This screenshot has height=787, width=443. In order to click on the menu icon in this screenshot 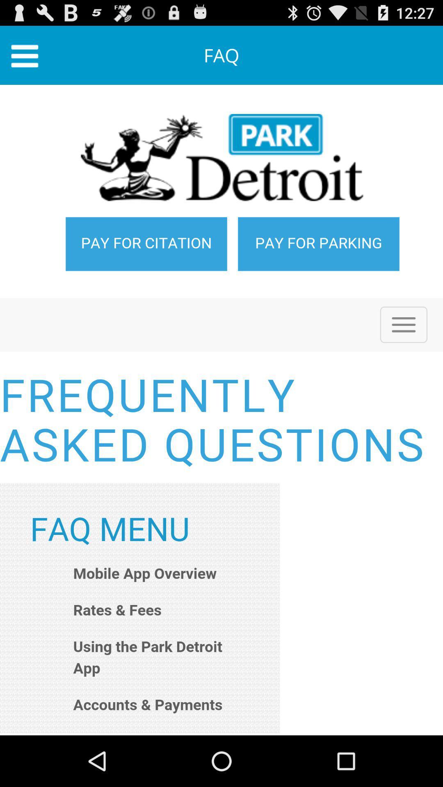, I will do `click(24, 59)`.